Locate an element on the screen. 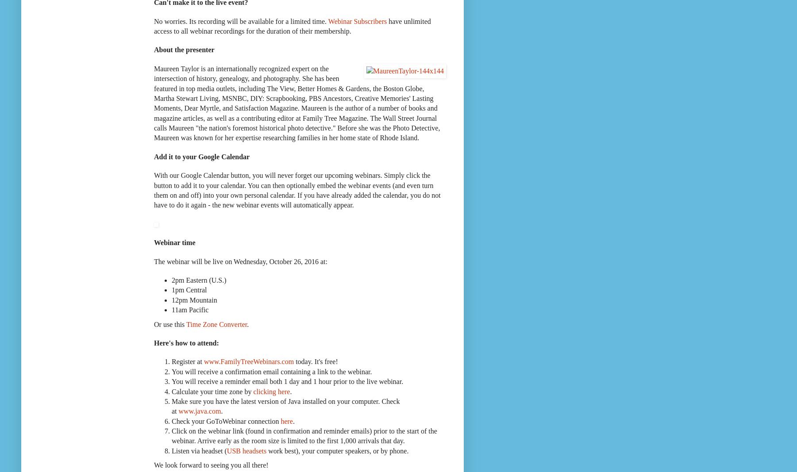  'You will receive a confirmation email containing a link to the webinar.' is located at coordinates (171, 371).